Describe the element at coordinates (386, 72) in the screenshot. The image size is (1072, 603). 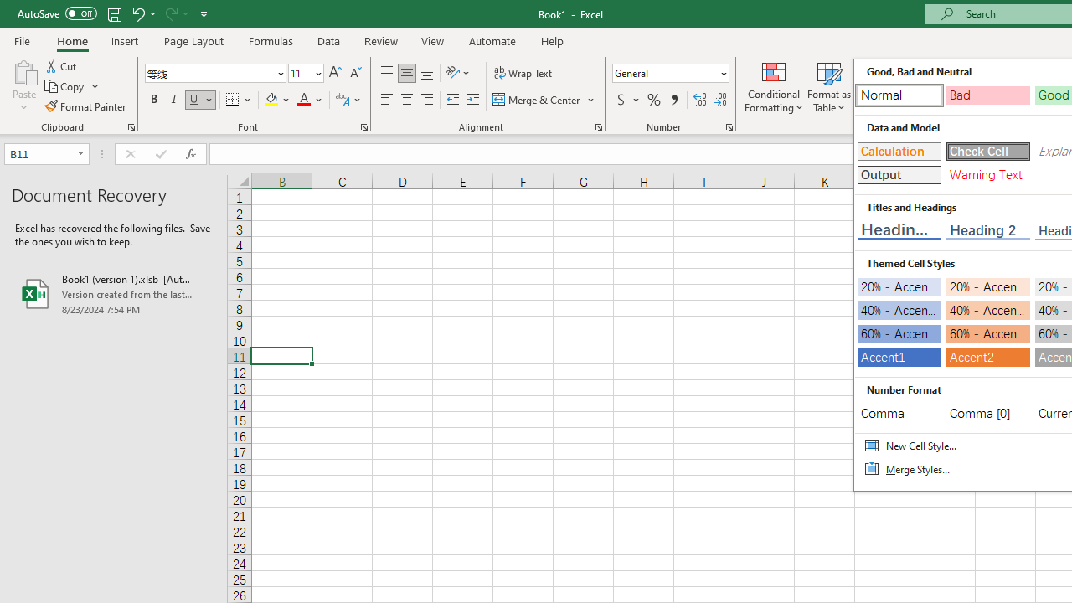
I see `'Top Align'` at that location.